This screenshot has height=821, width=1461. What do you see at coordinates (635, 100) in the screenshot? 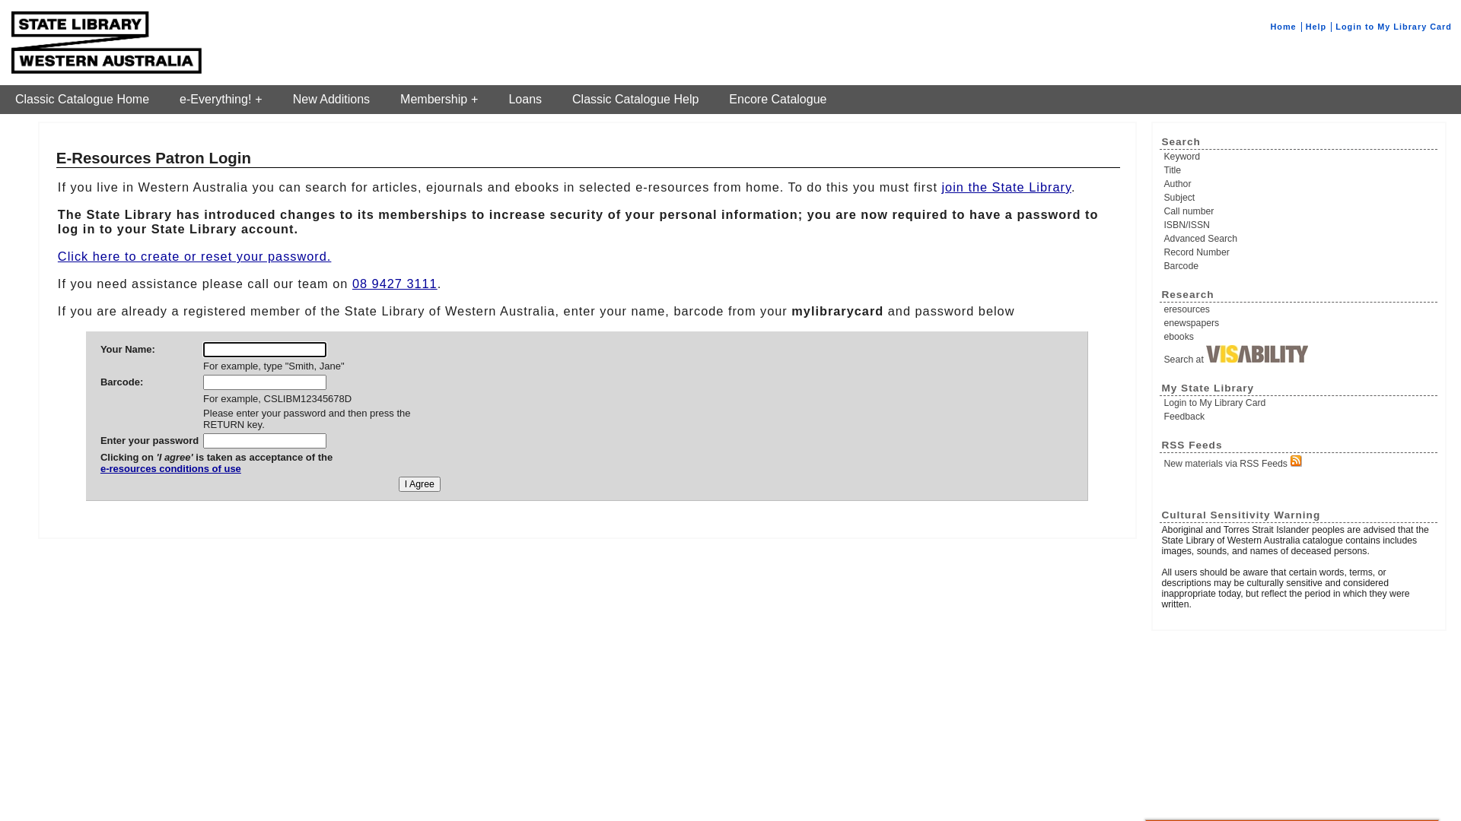
I see `'Classic Catalogue Help'` at bounding box center [635, 100].